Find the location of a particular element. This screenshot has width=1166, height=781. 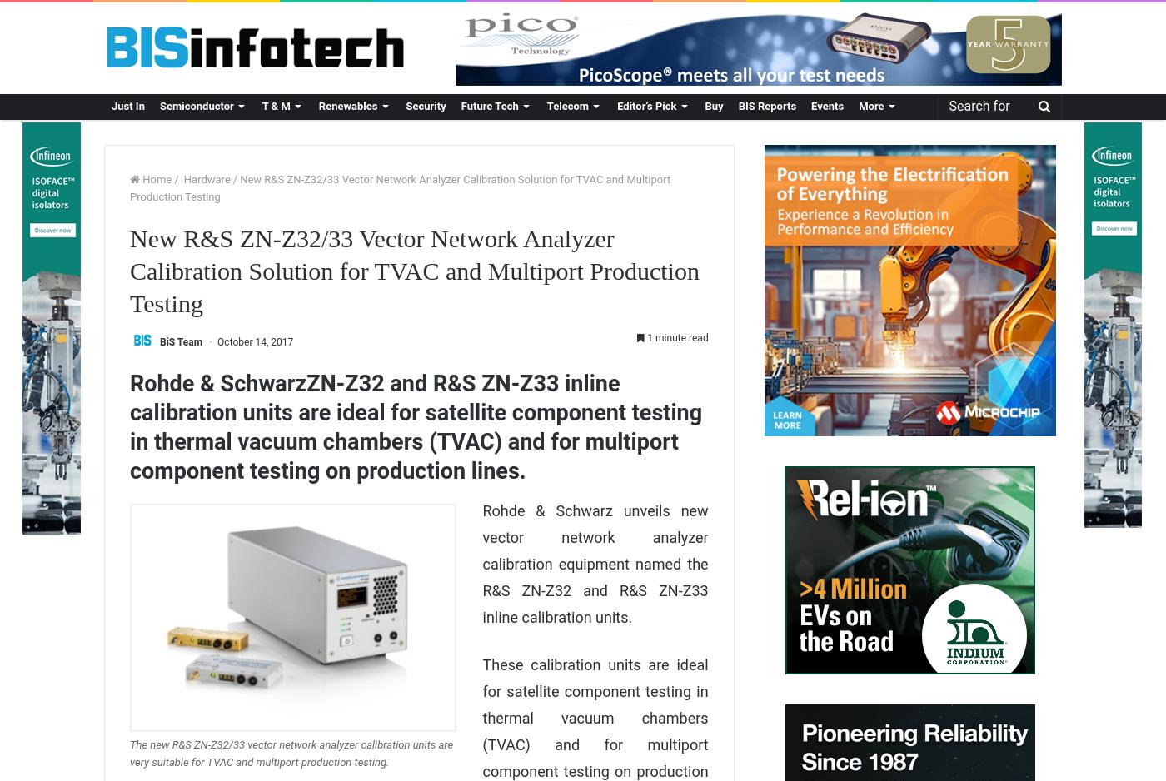

'Rohde & SchwarzZN-Z32 and R&S ZN-Z33 inline calibration units are ideal for satellite component testing in thermal vacuum chambers (TVAC) and for multiport component testing on production lines.' is located at coordinates (416, 426).